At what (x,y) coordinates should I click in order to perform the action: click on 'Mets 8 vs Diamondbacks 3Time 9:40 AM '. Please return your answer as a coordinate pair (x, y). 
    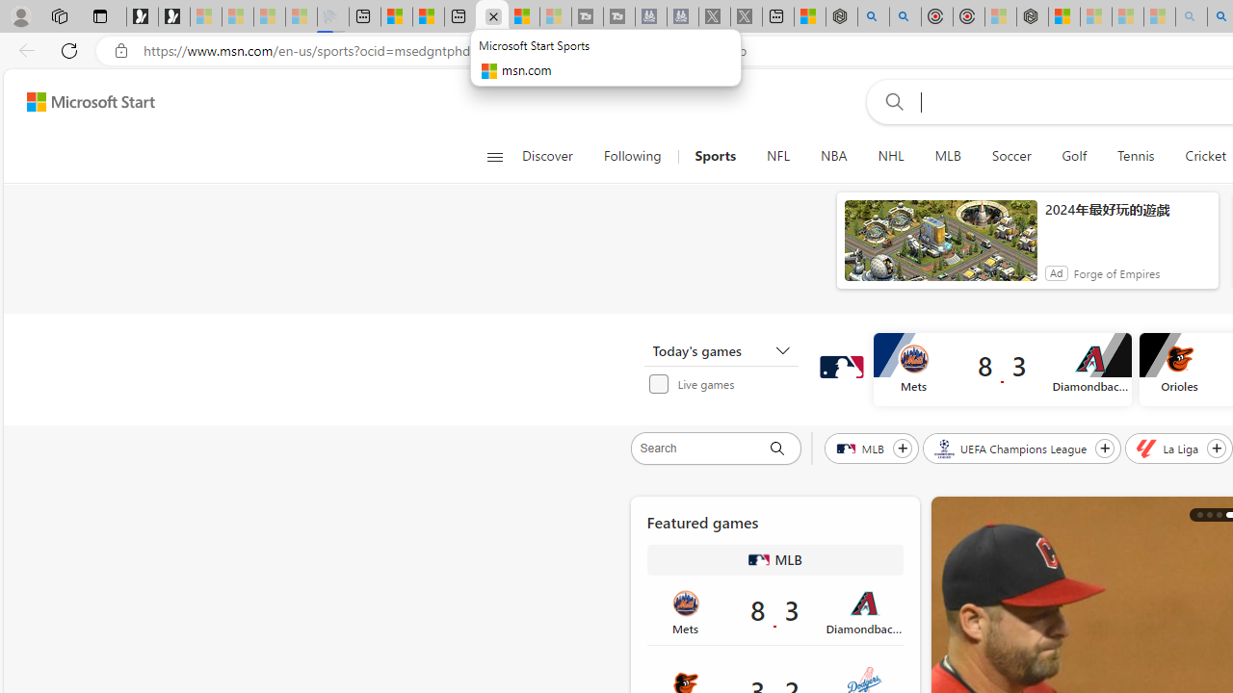
    Looking at the image, I should click on (774, 611).